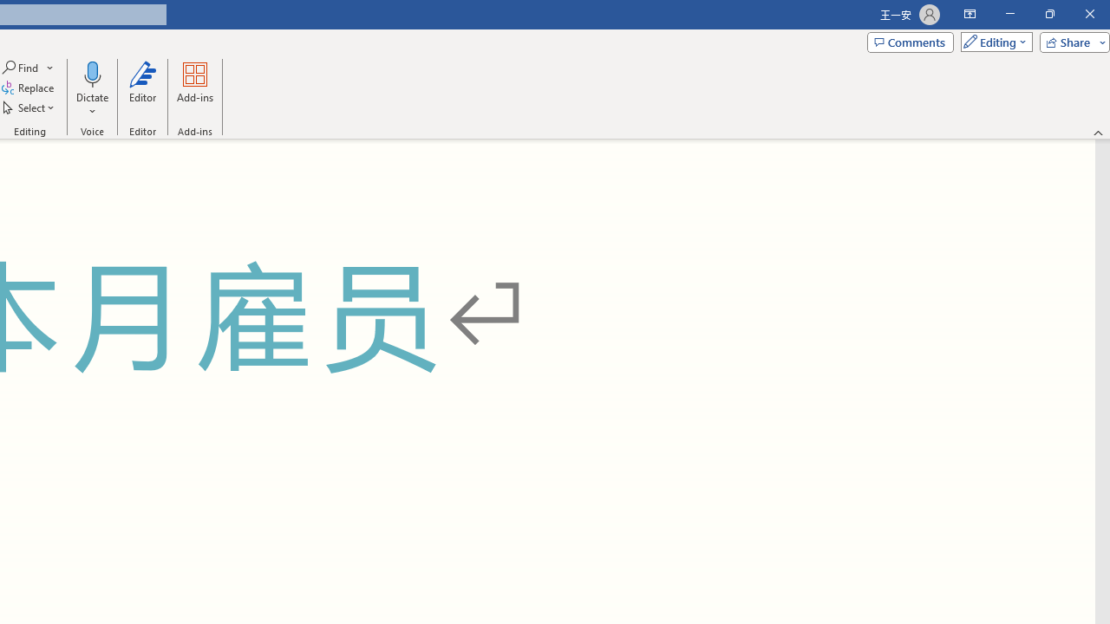 The width and height of the screenshot is (1110, 624). What do you see at coordinates (91, 89) in the screenshot?
I see `'Dictate'` at bounding box center [91, 89].